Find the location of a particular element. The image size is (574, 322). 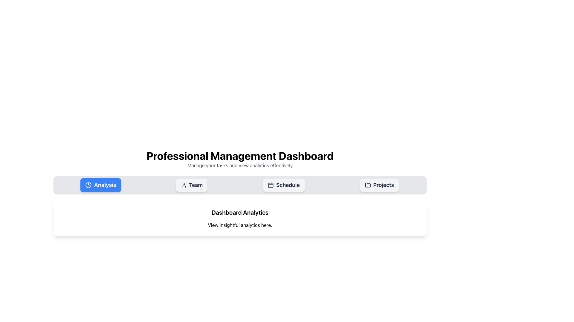

the third button from the left in the horizontal row of four buttons is located at coordinates (283, 185).